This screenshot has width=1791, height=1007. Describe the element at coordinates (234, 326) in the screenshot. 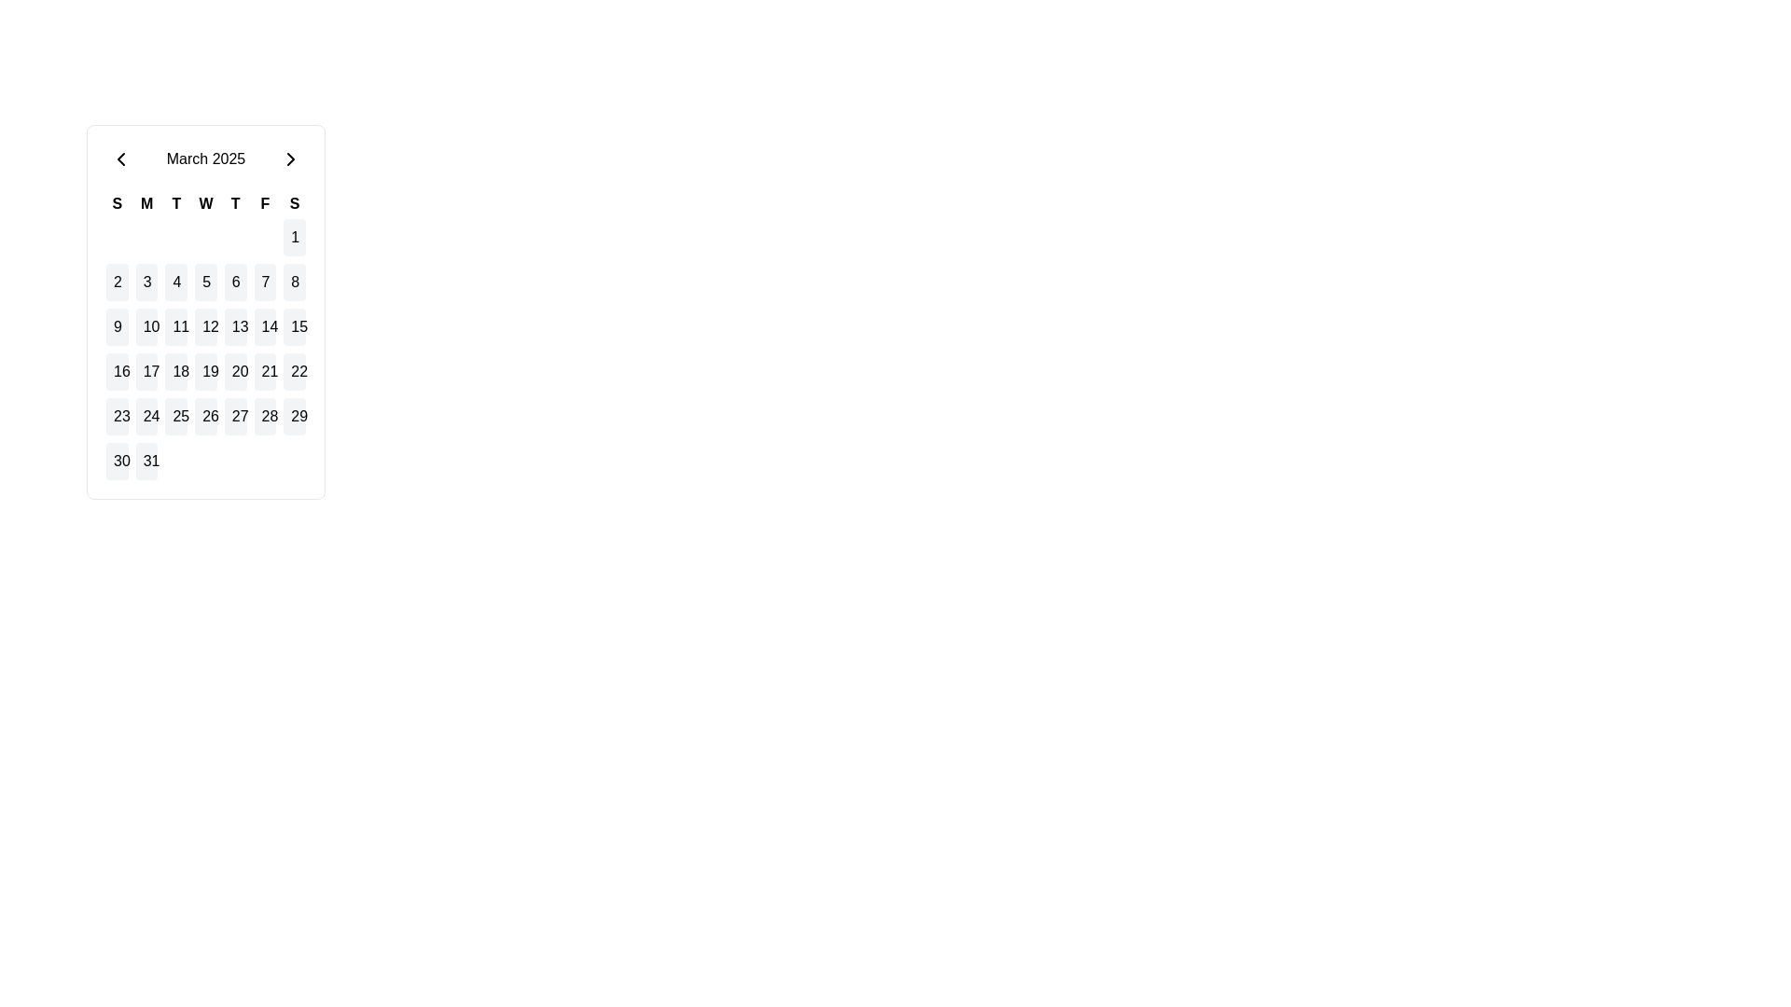

I see `the rounded rectangular button displaying '13'` at that location.